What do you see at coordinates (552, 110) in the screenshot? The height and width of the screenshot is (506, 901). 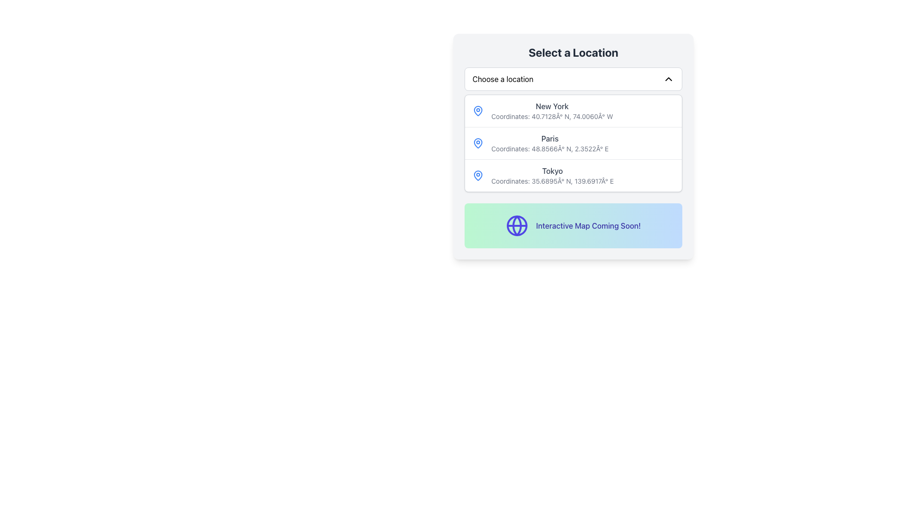 I see `the first list item displaying 'New York'` at bounding box center [552, 110].